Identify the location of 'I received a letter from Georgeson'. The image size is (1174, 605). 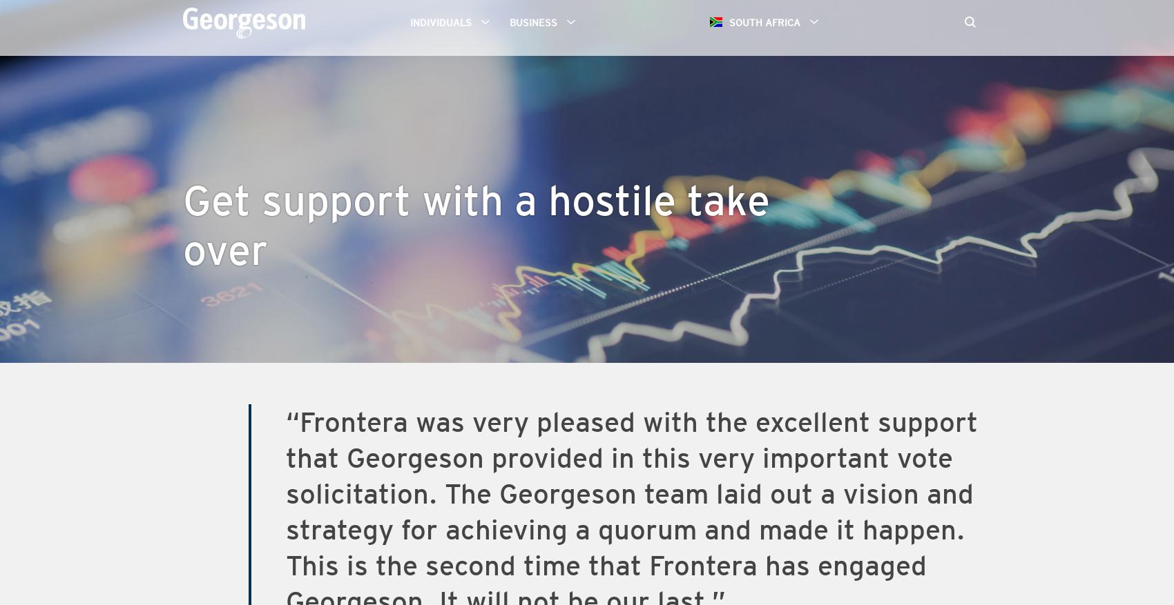
(183, 119).